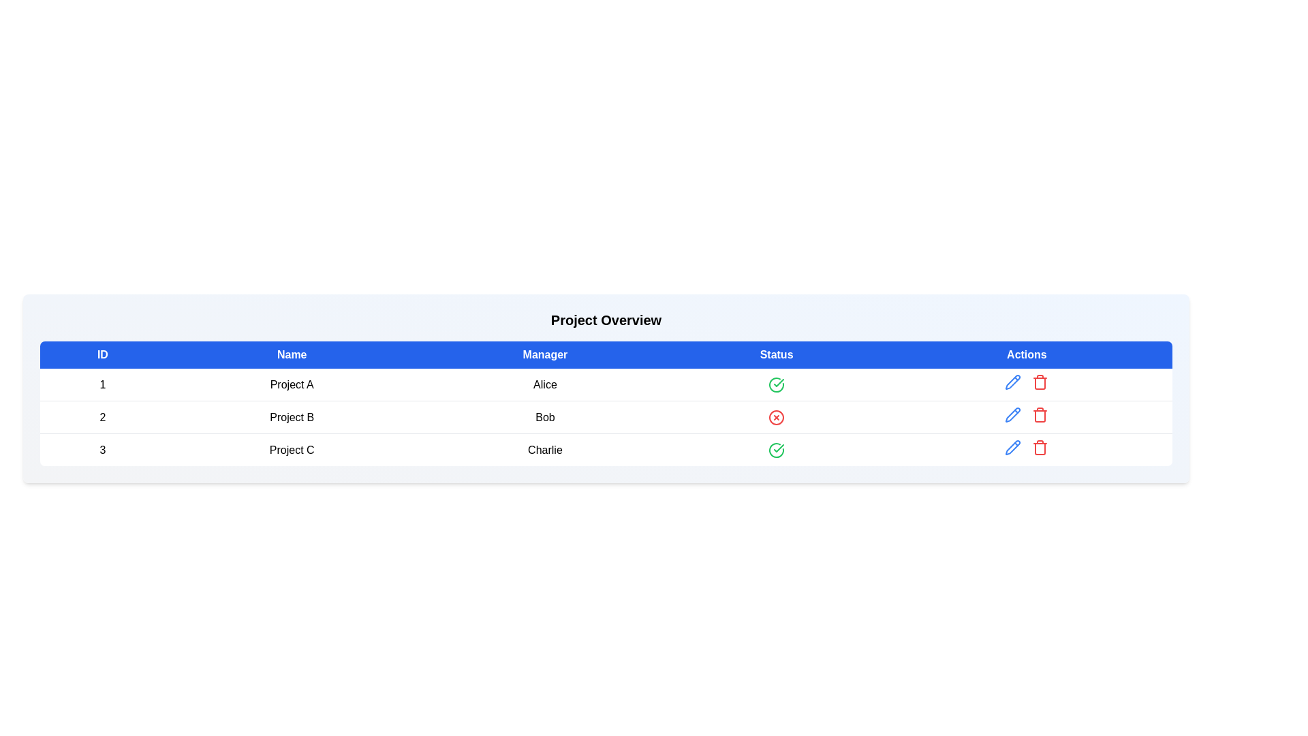 This screenshot has height=736, width=1308. What do you see at coordinates (545, 354) in the screenshot?
I see `the blue rectangular header cell labeled 'Manager' that is centered in the third column of the header row` at bounding box center [545, 354].